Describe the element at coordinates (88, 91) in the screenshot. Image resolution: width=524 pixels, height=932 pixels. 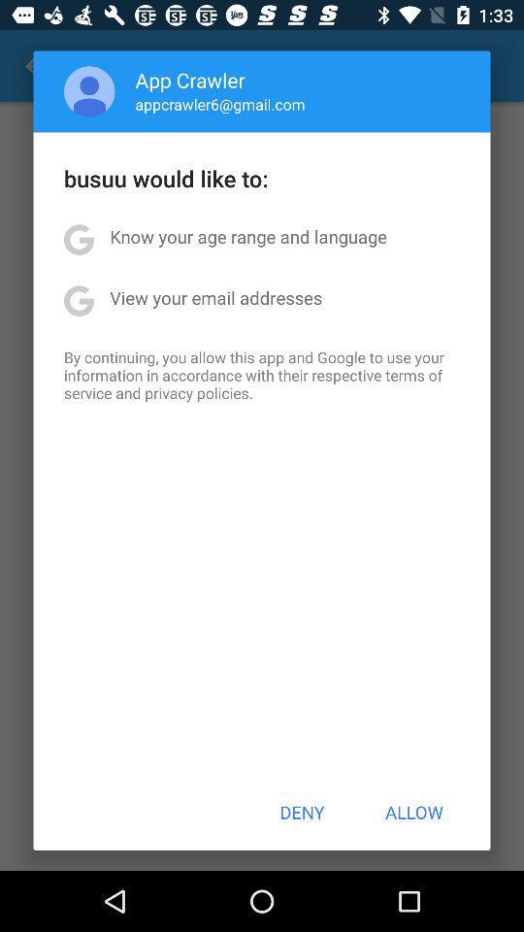
I see `app next to the app crawler app` at that location.